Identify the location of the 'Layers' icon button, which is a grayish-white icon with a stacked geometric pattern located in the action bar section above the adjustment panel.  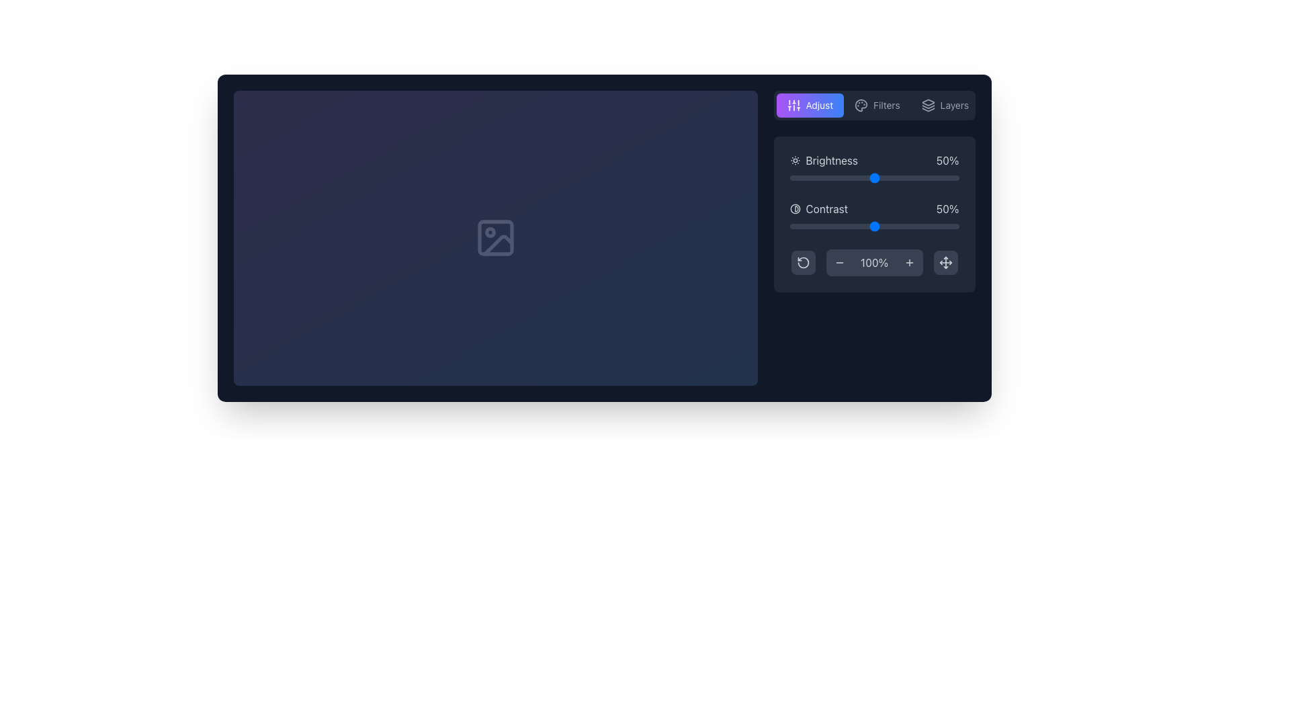
(927, 105).